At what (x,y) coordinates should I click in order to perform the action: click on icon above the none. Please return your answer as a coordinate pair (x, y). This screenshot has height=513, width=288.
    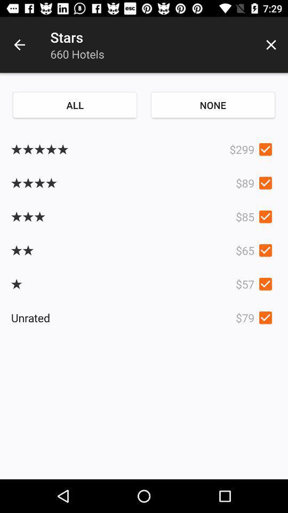
    Looking at the image, I should click on (271, 45).